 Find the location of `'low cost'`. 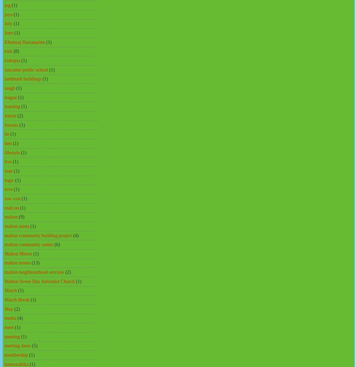

'low cost' is located at coordinates (12, 198).